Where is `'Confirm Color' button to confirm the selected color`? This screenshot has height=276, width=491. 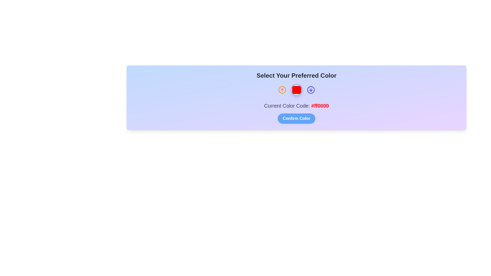 'Confirm Color' button to confirm the selected color is located at coordinates (296, 118).